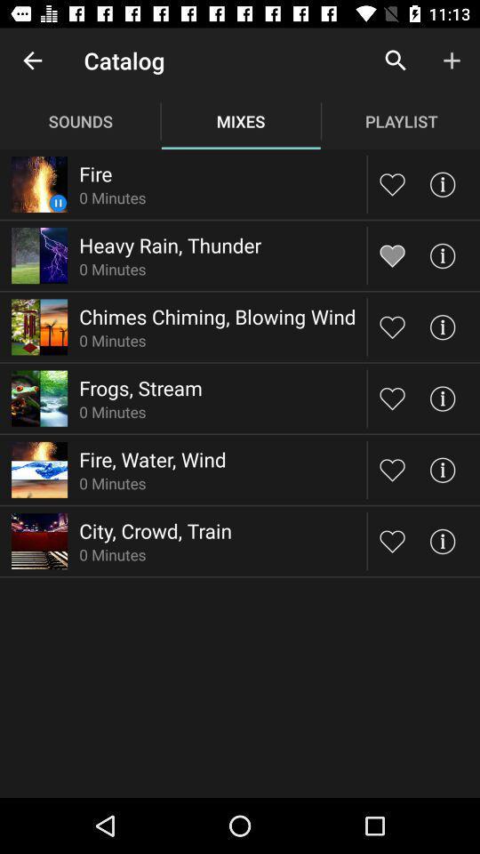 This screenshot has height=854, width=480. Describe the element at coordinates (392, 326) in the screenshot. I see `love third song down` at that location.